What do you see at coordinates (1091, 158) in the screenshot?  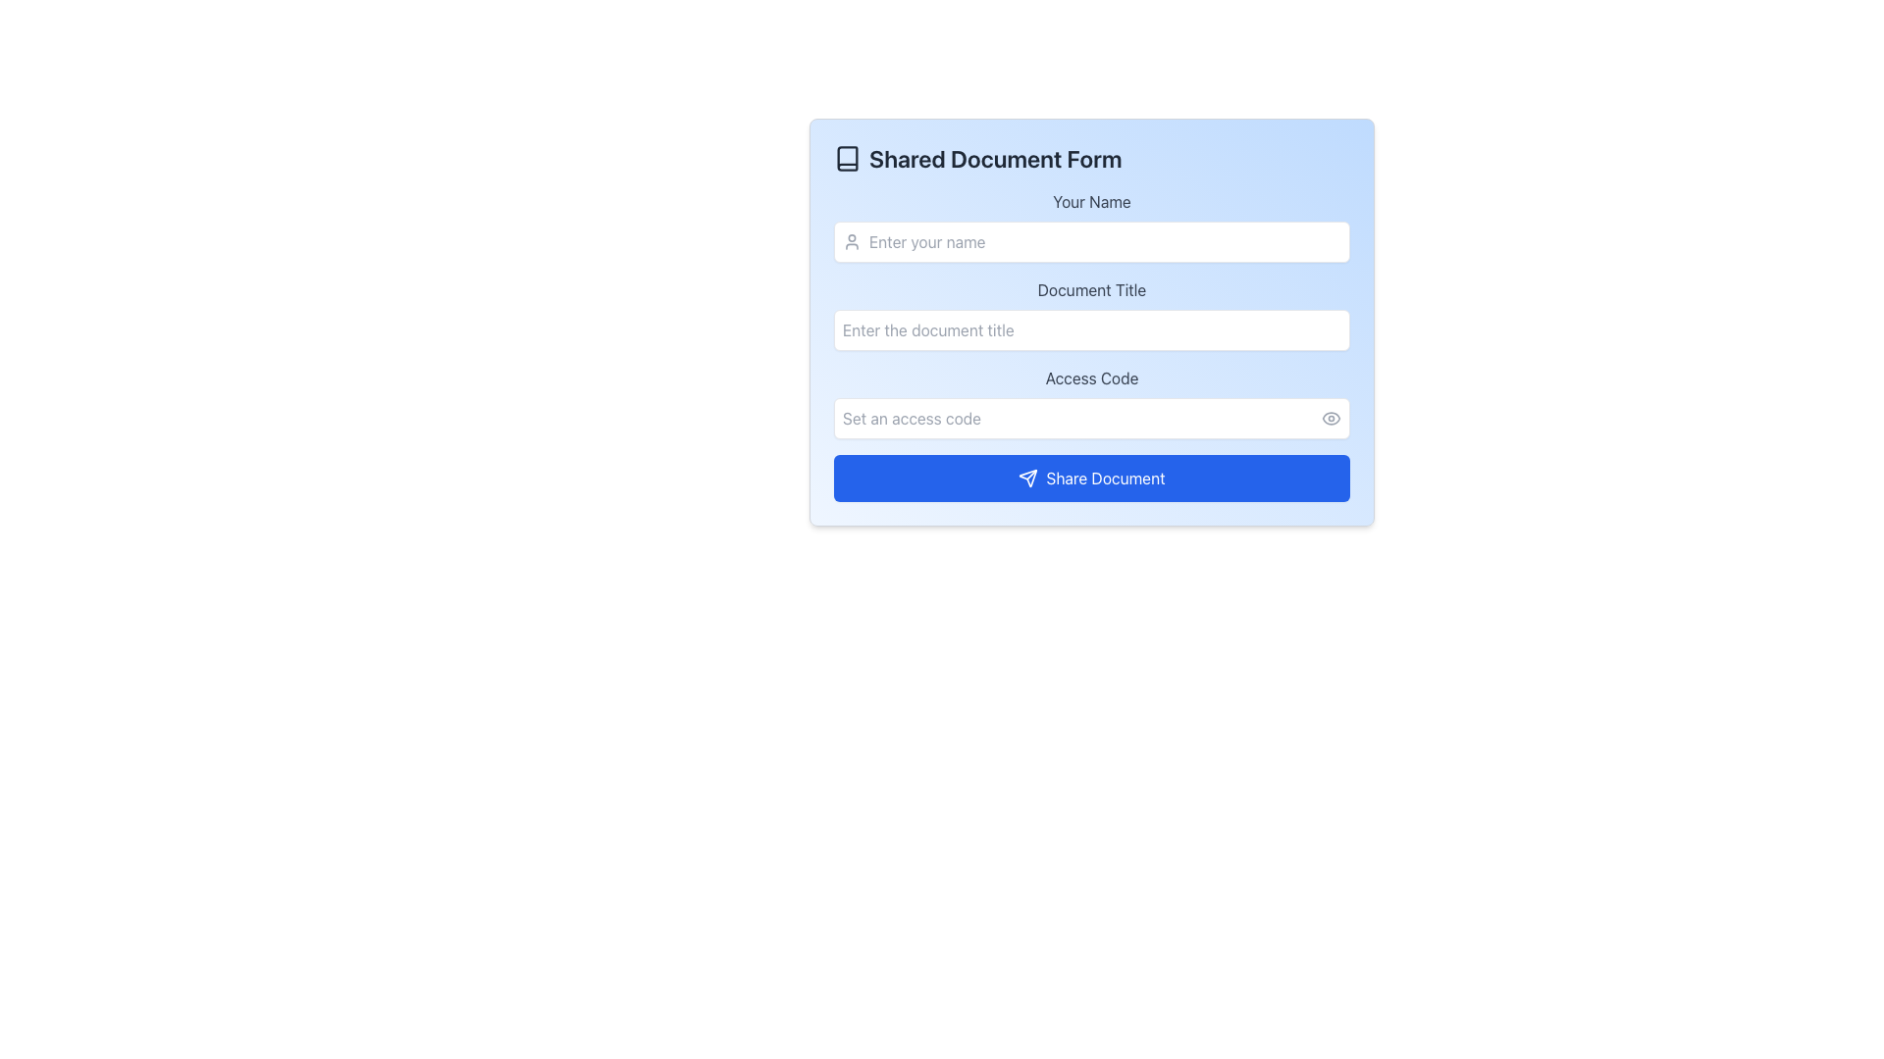 I see `the Text Heading with accompanying Icon, which indicates the purpose of the form to share a document, located at the top of the main form panel` at bounding box center [1091, 158].